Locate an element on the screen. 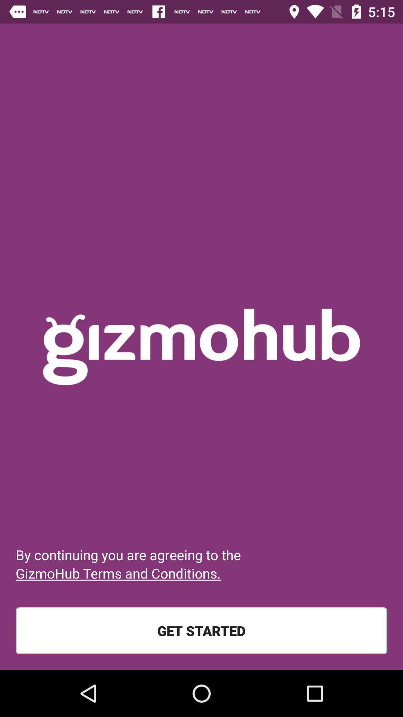  icon above the get started item is located at coordinates (118, 573).